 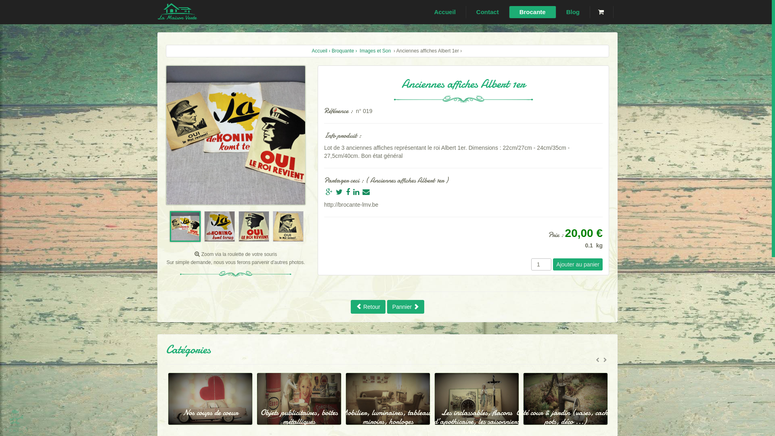 I want to click on 'Image 4', so click(x=288, y=226).